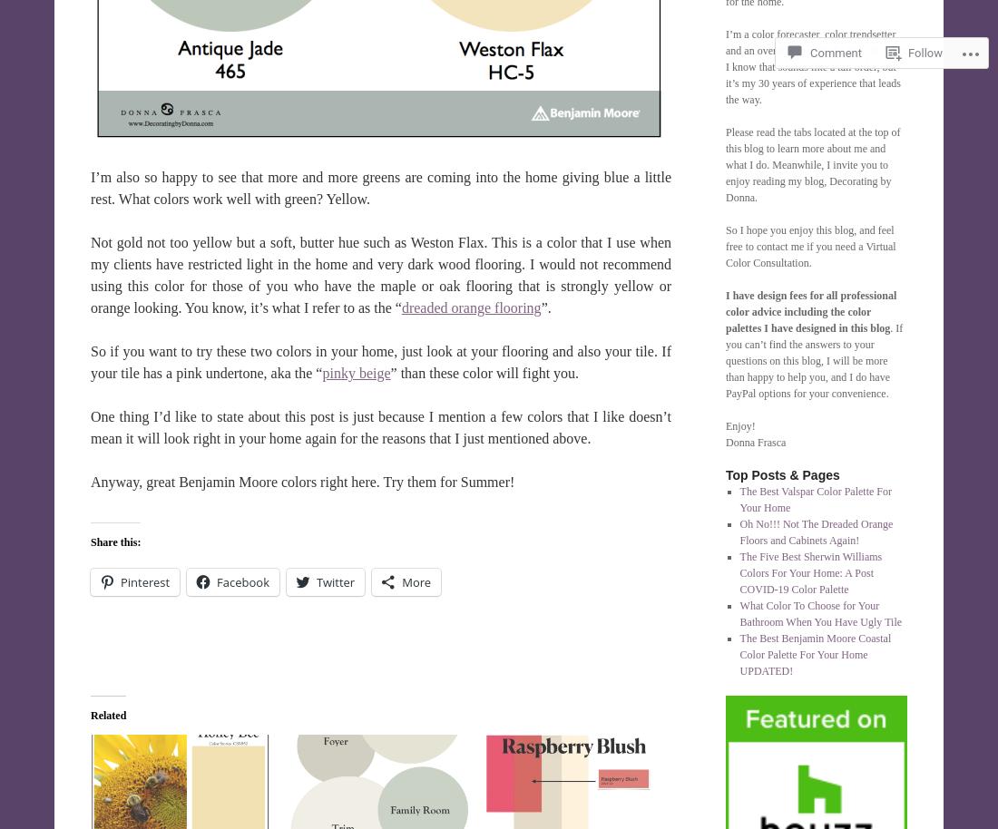 The width and height of the screenshot is (998, 829). Describe the element at coordinates (739, 613) in the screenshot. I see `'What Color To Choose for Your Bathroom When You Have Ugly Tile'` at that location.